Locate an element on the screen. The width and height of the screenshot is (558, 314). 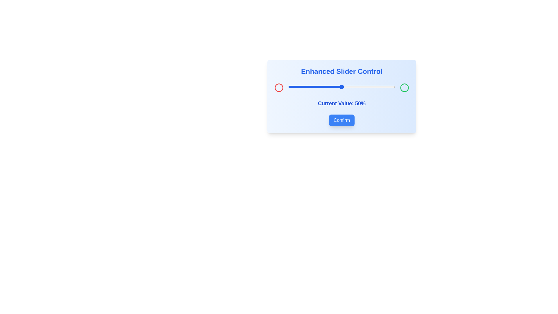
the slider value is located at coordinates (292, 87).